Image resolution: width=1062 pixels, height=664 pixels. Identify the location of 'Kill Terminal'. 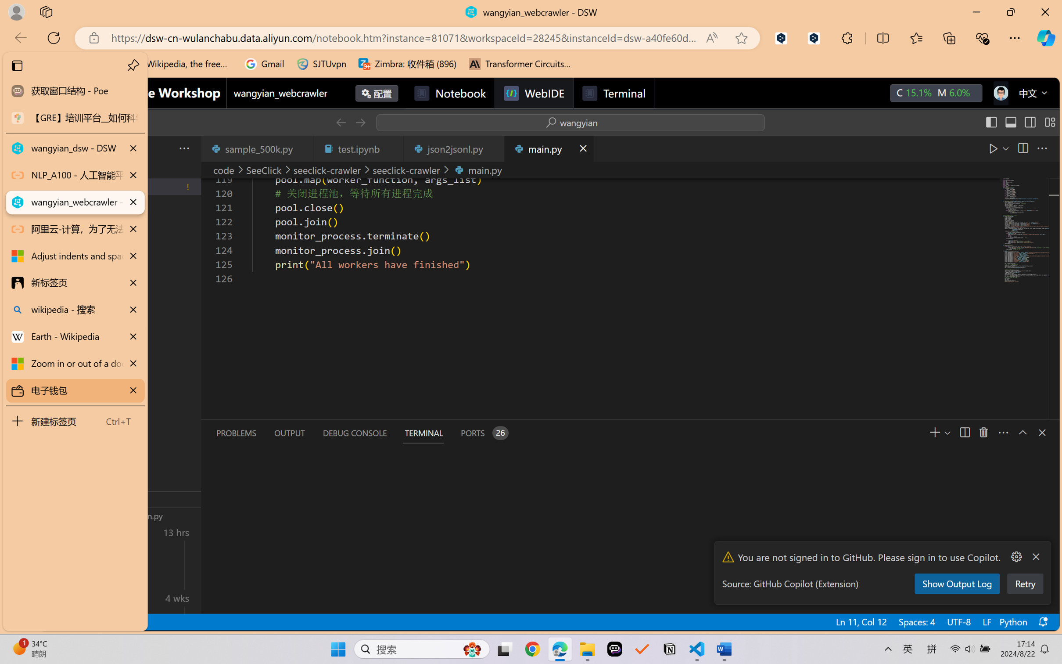
(983, 432).